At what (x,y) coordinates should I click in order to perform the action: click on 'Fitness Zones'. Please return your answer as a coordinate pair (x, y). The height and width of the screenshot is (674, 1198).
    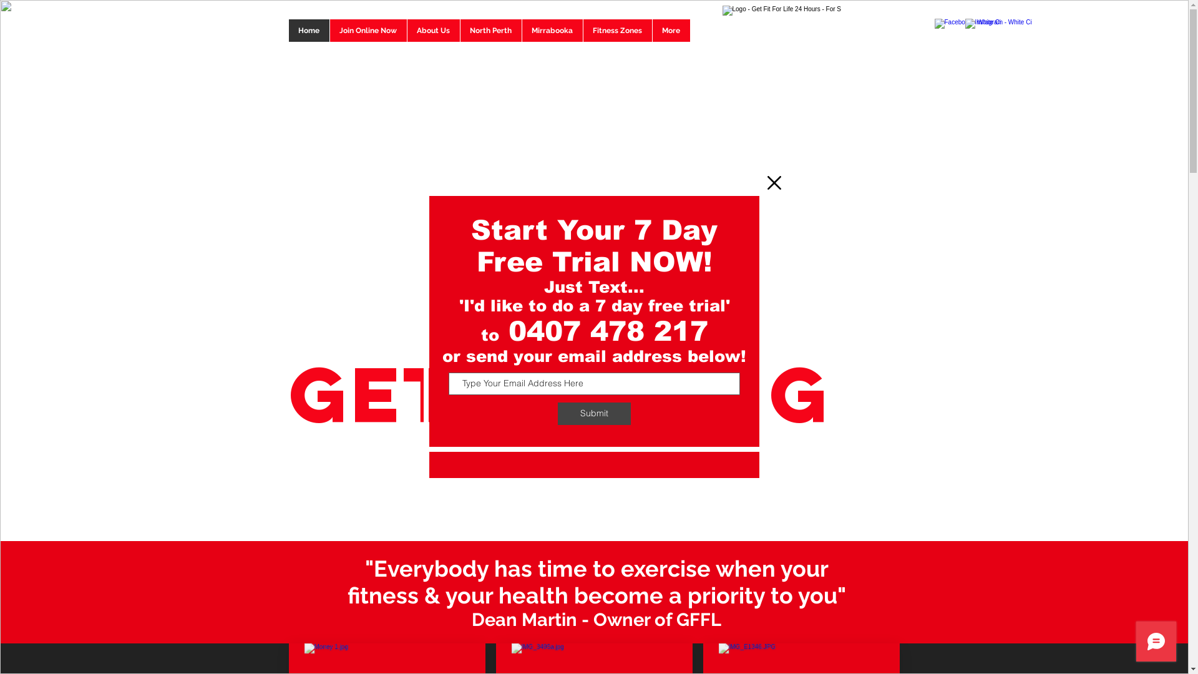
    Looking at the image, I should click on (617, 30).